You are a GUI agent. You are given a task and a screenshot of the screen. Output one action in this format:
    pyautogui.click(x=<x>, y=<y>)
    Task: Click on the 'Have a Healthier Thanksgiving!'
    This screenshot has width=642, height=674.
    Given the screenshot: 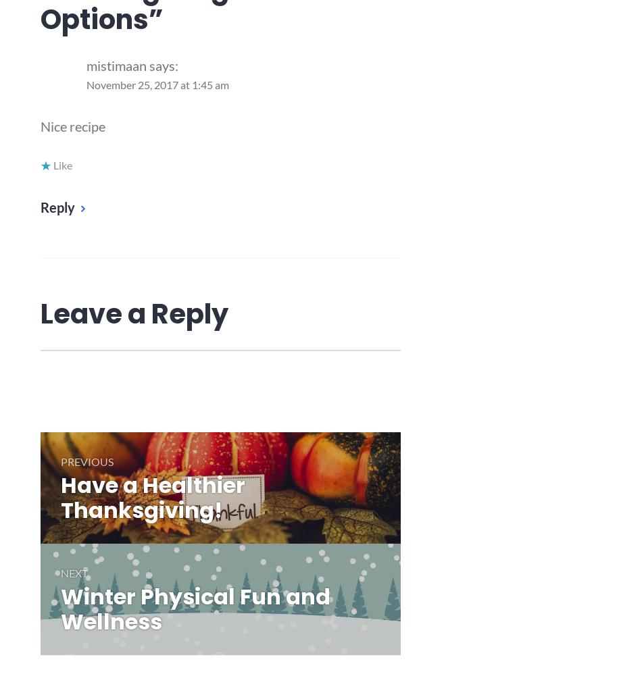 What is the action you would take?
    pyautogui.click(x=153, y=497)
    